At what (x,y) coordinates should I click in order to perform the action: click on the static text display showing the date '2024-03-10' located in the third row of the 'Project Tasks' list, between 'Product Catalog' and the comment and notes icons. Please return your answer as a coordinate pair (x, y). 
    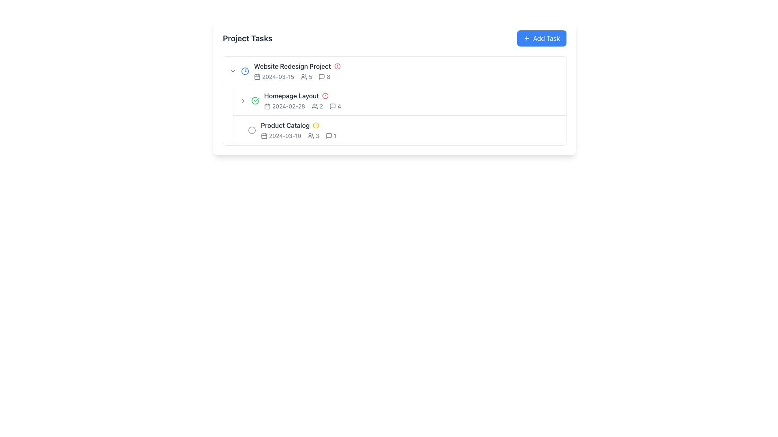
    Looking at the image, I should click on (285, 135).